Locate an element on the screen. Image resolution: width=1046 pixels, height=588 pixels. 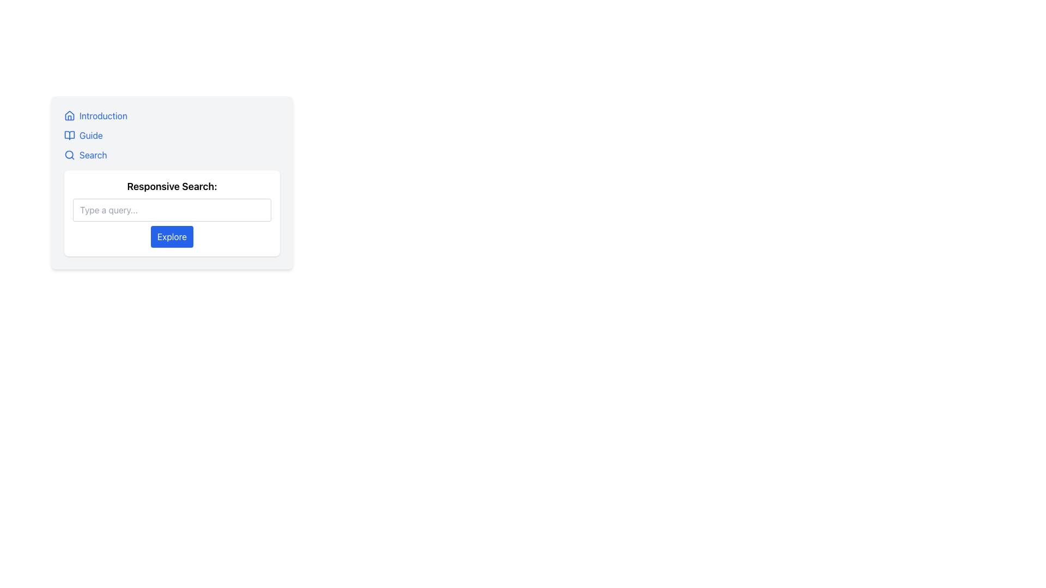
the 'Search' text hyperlink in blue font is located at coordinates (93, 155).